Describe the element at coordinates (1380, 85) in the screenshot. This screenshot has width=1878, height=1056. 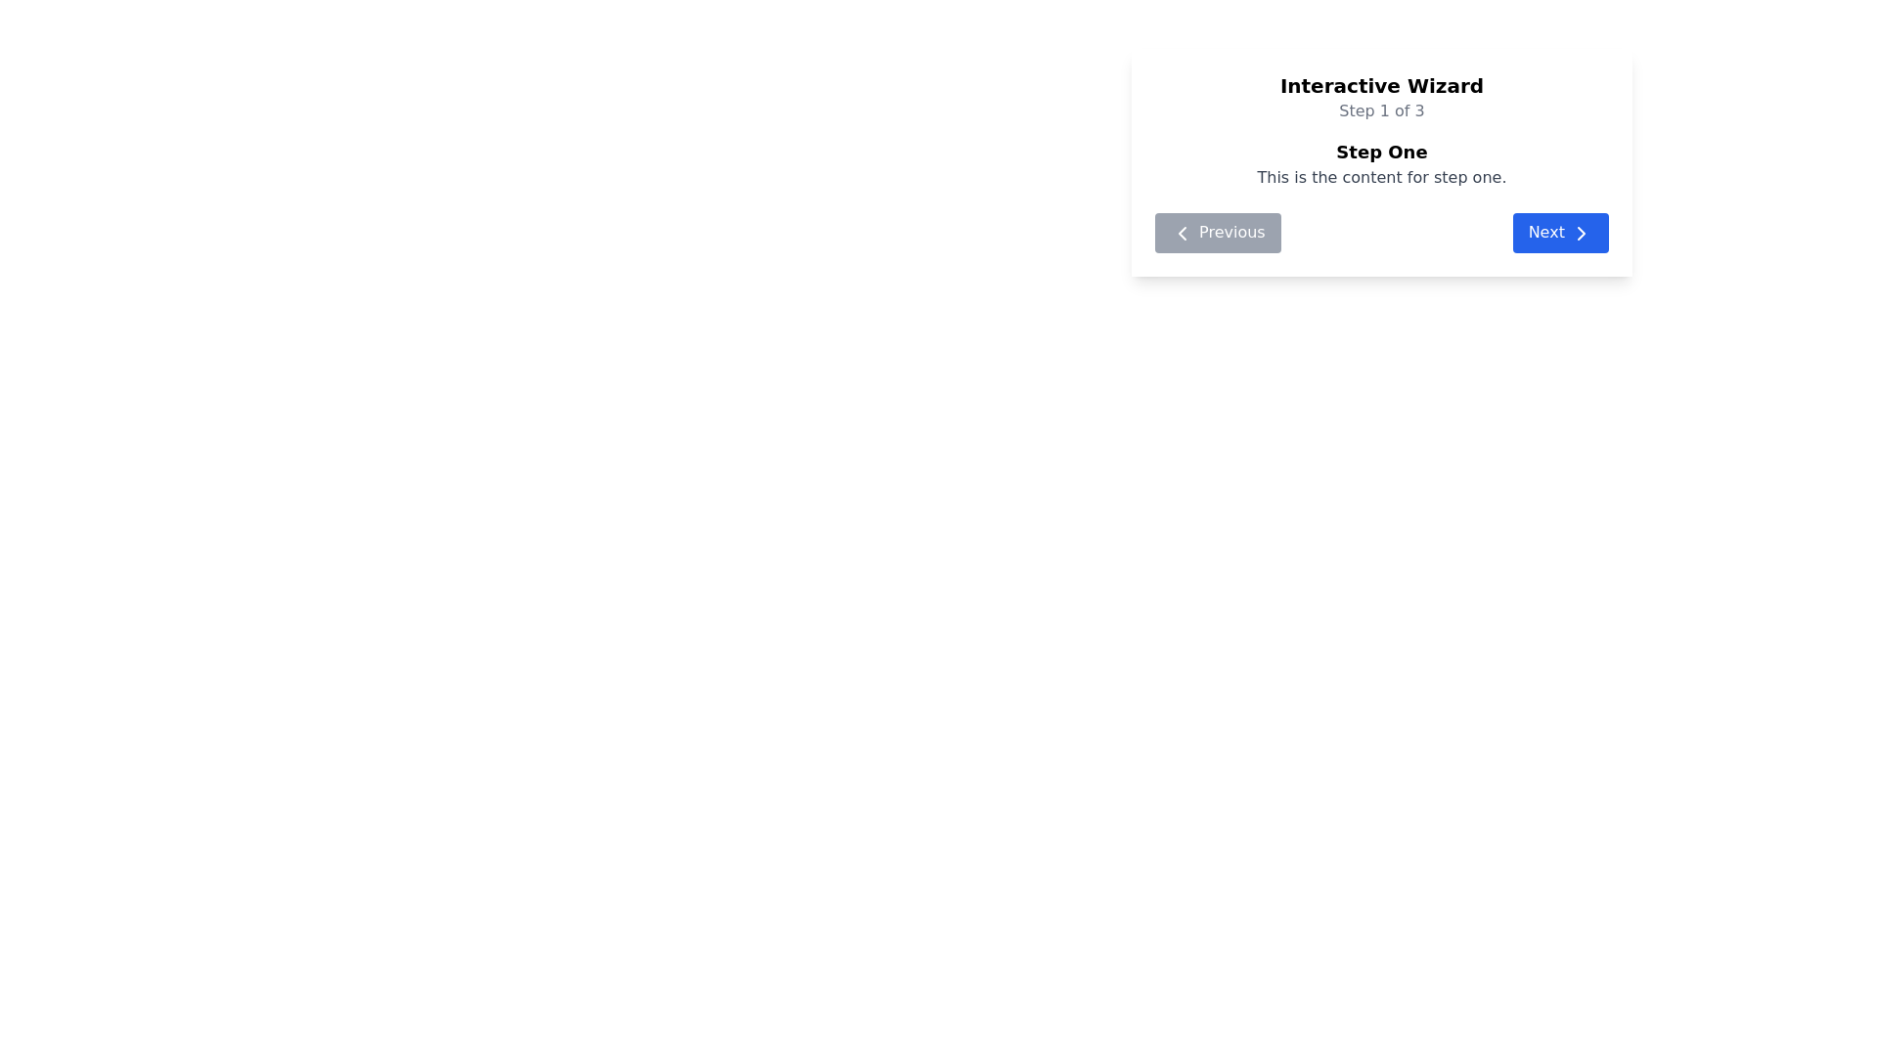
I see `the title or heading text element of the interactive wizard interface, which is positioned directly above 'Step 1 of 3' and is horizontally centered` at that location.